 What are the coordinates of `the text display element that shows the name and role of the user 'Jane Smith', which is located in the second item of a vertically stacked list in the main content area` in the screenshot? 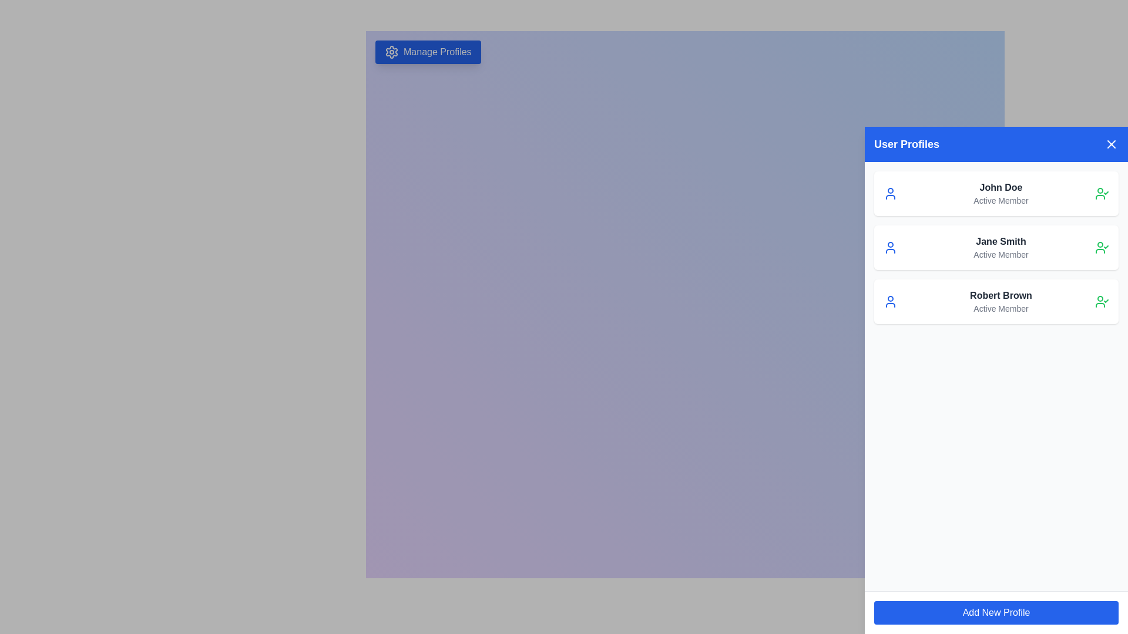 It's located at (1001, 247).